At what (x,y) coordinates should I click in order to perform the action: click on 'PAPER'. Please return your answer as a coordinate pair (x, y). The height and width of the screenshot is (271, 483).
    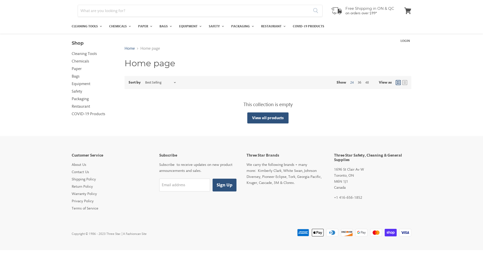
    Looking at the image, I should click on (144, 26).